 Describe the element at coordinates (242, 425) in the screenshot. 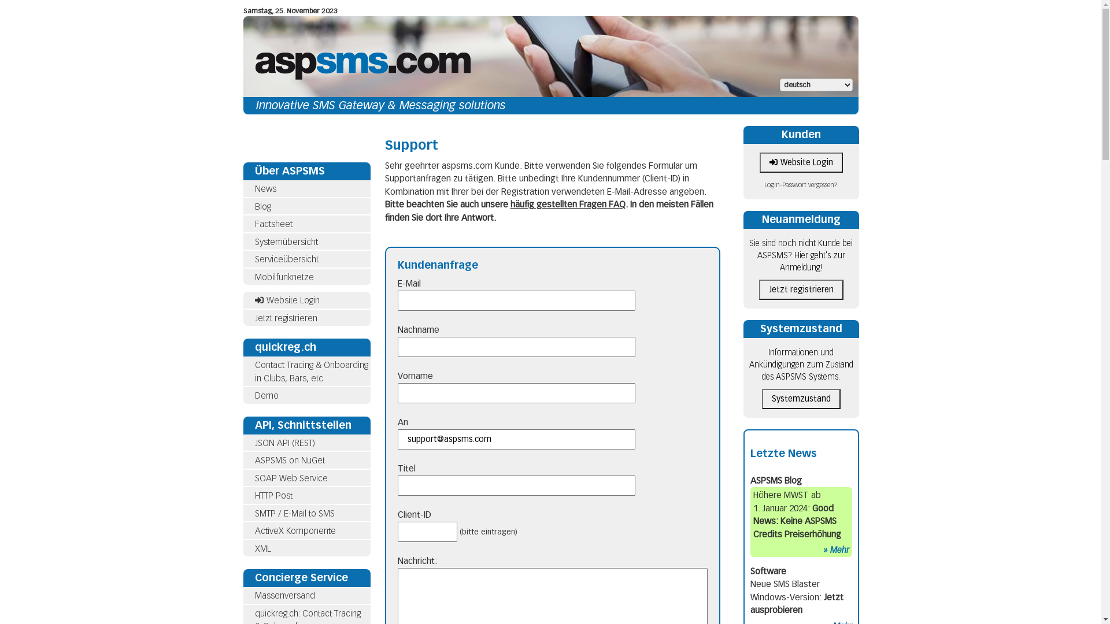

I see `'API, Schnittstellen'` at that location.